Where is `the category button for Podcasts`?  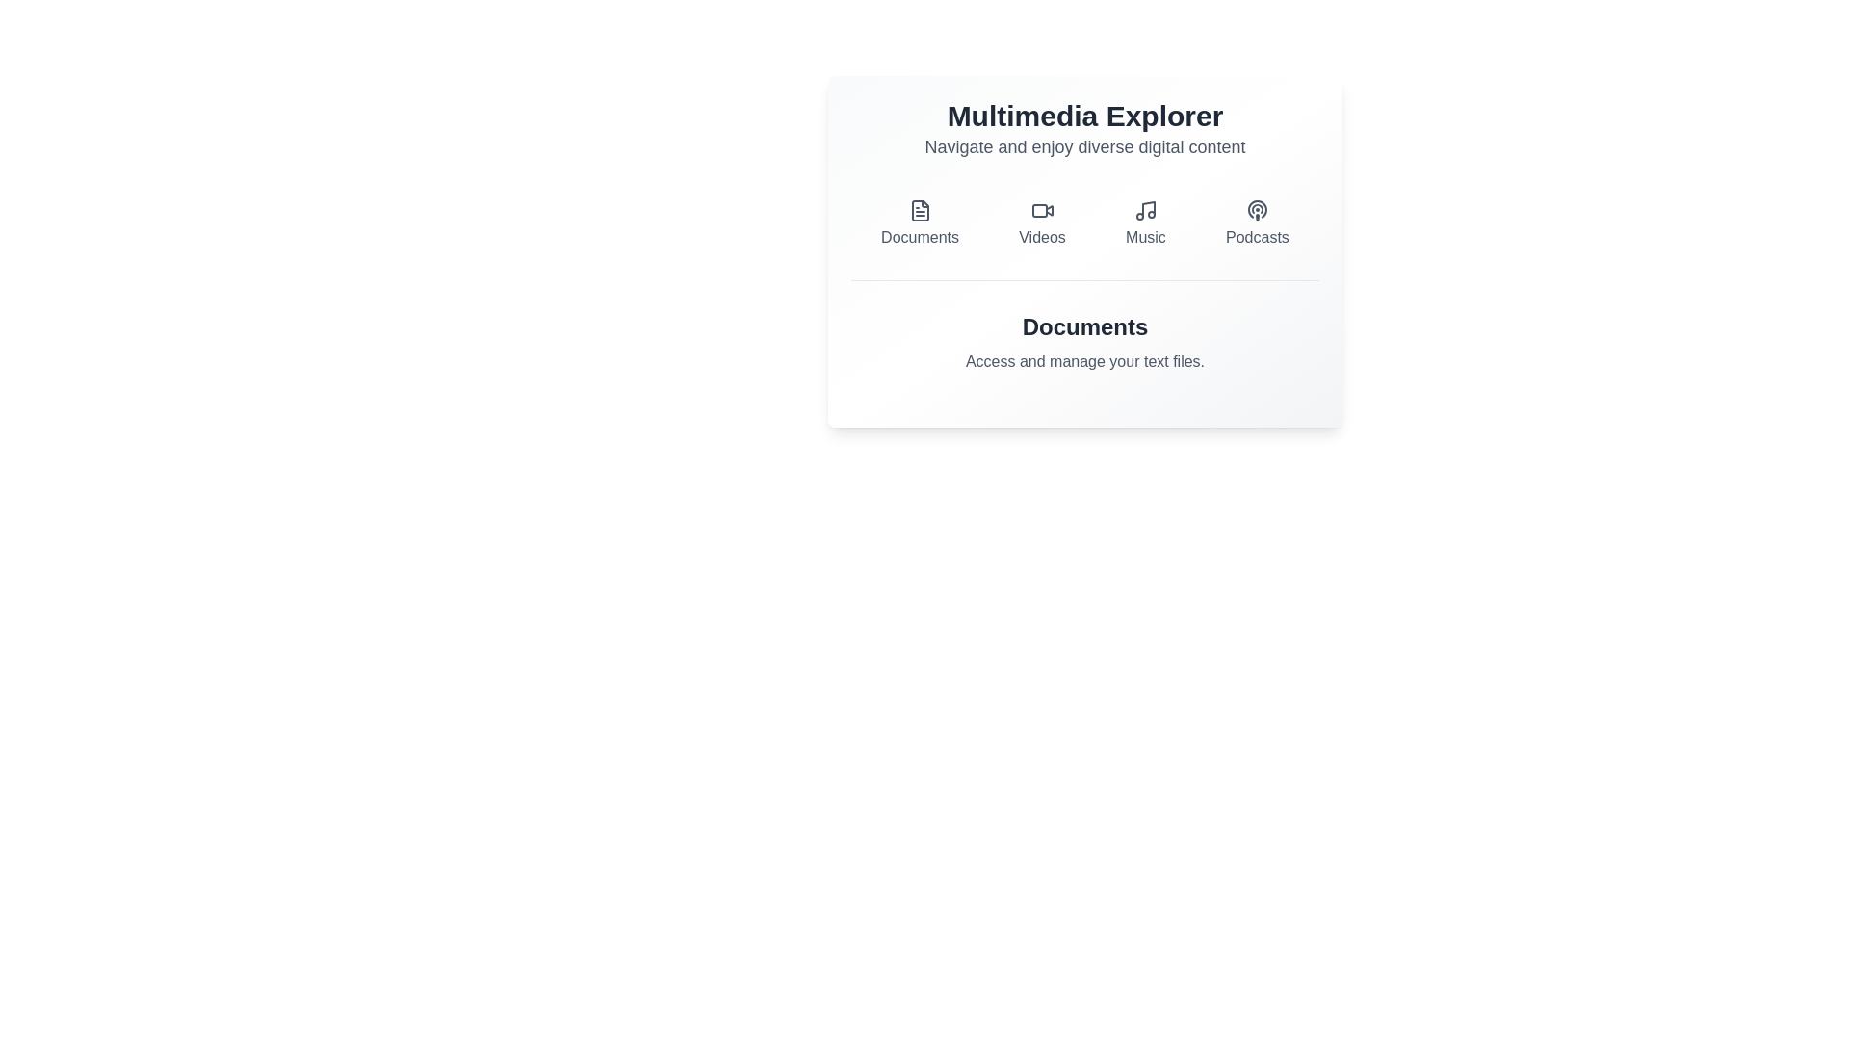
the category button for Podcasts is located at coordinates (1257, 222).